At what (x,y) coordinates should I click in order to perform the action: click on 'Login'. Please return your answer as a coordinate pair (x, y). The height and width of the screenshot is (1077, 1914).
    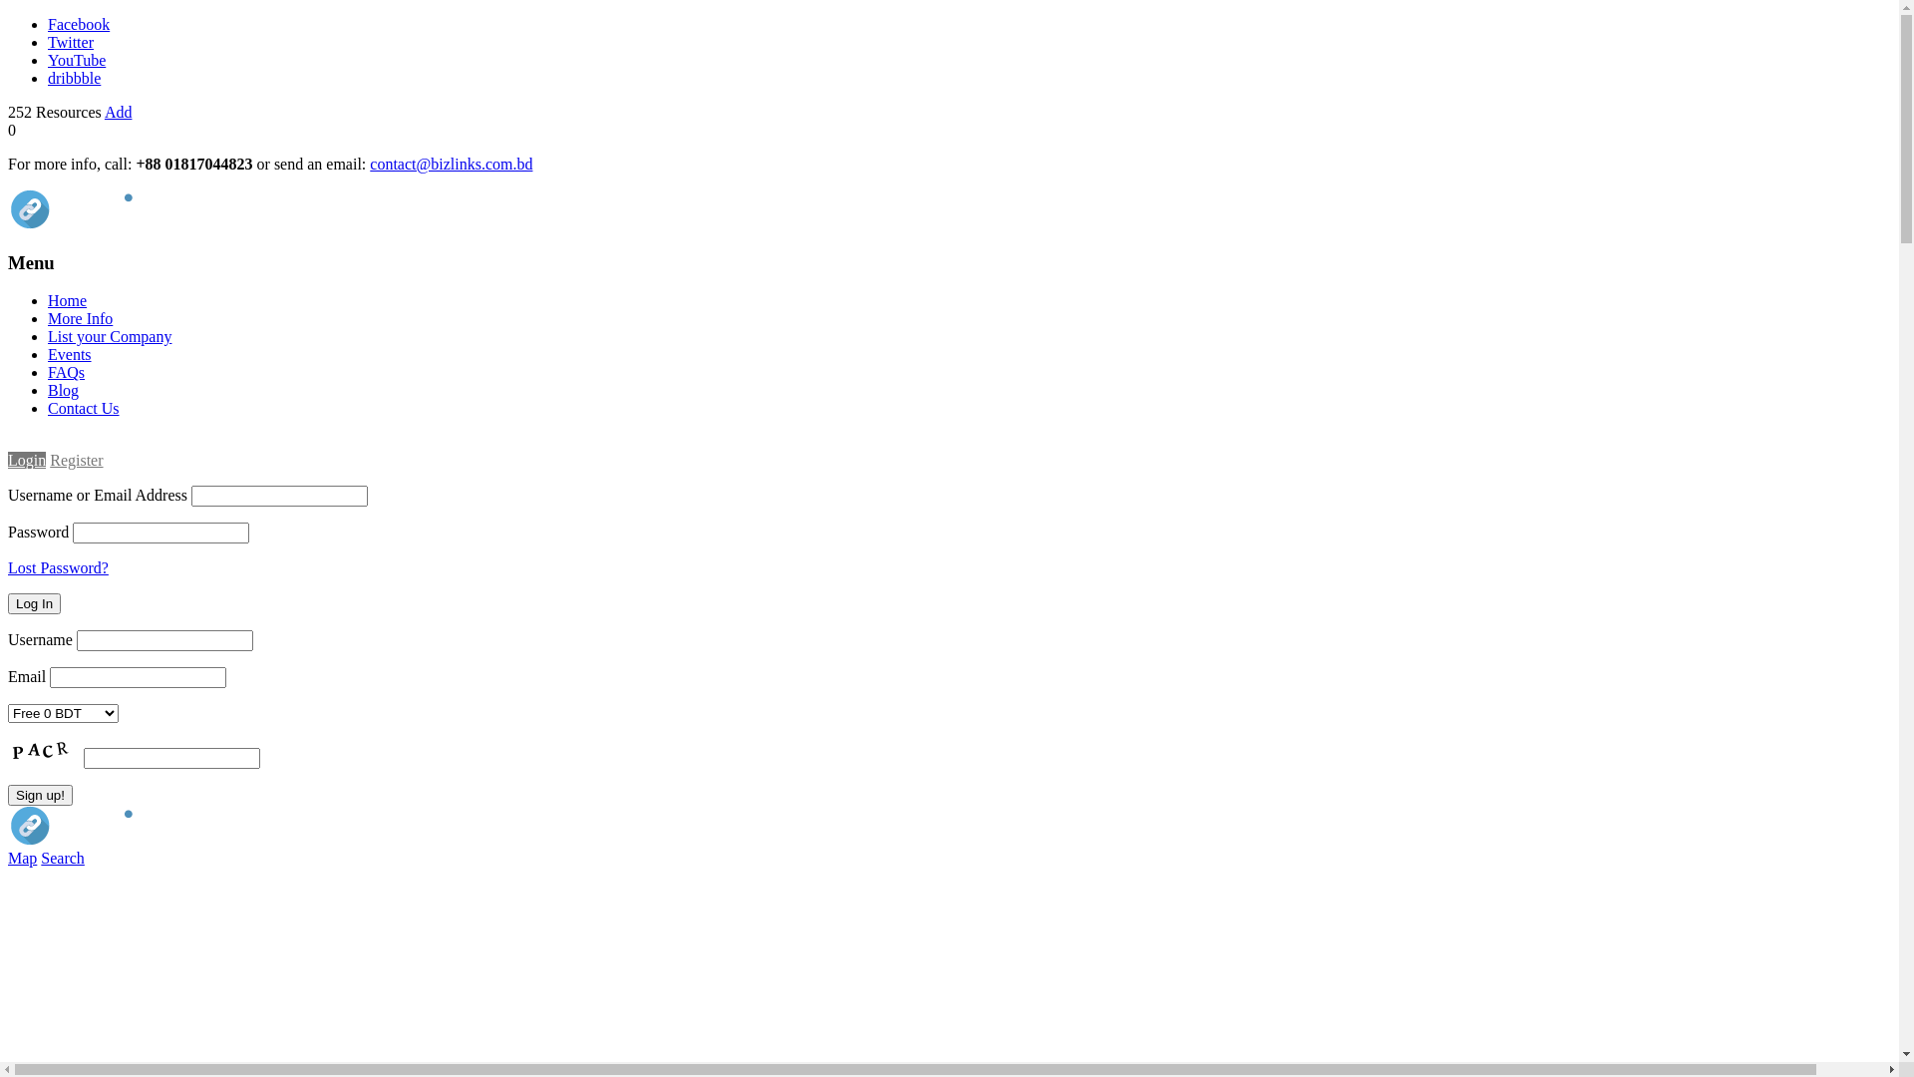
    Looking at the image, I should click on (8, 441).